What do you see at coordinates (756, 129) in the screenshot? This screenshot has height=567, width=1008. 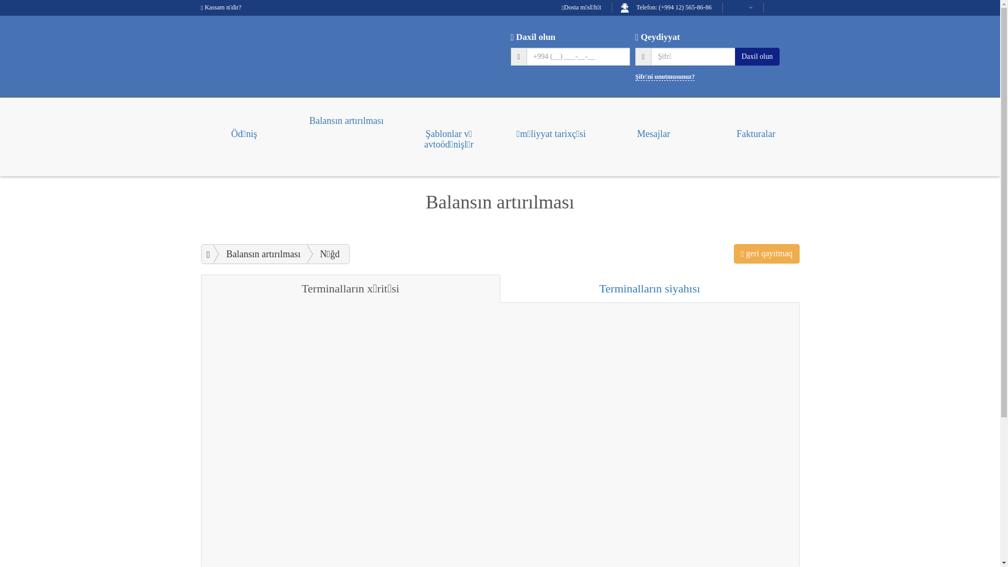 I see `'Fakturalar'` at bounding box center [756, 129].